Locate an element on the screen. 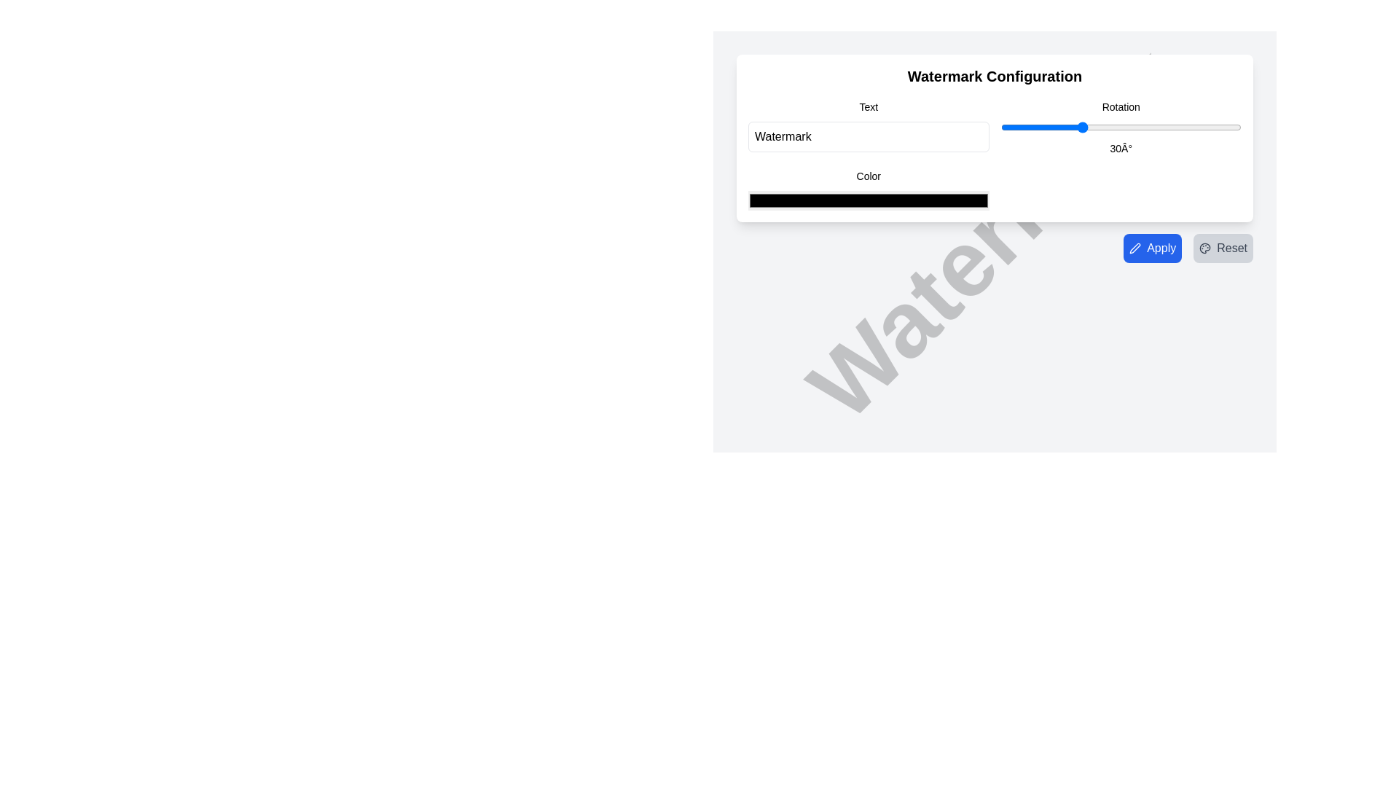  and drag the slider labeled 'Rotation' to adjust the angle, which is currently set to '30°' is located at coordinates (1120, 126).